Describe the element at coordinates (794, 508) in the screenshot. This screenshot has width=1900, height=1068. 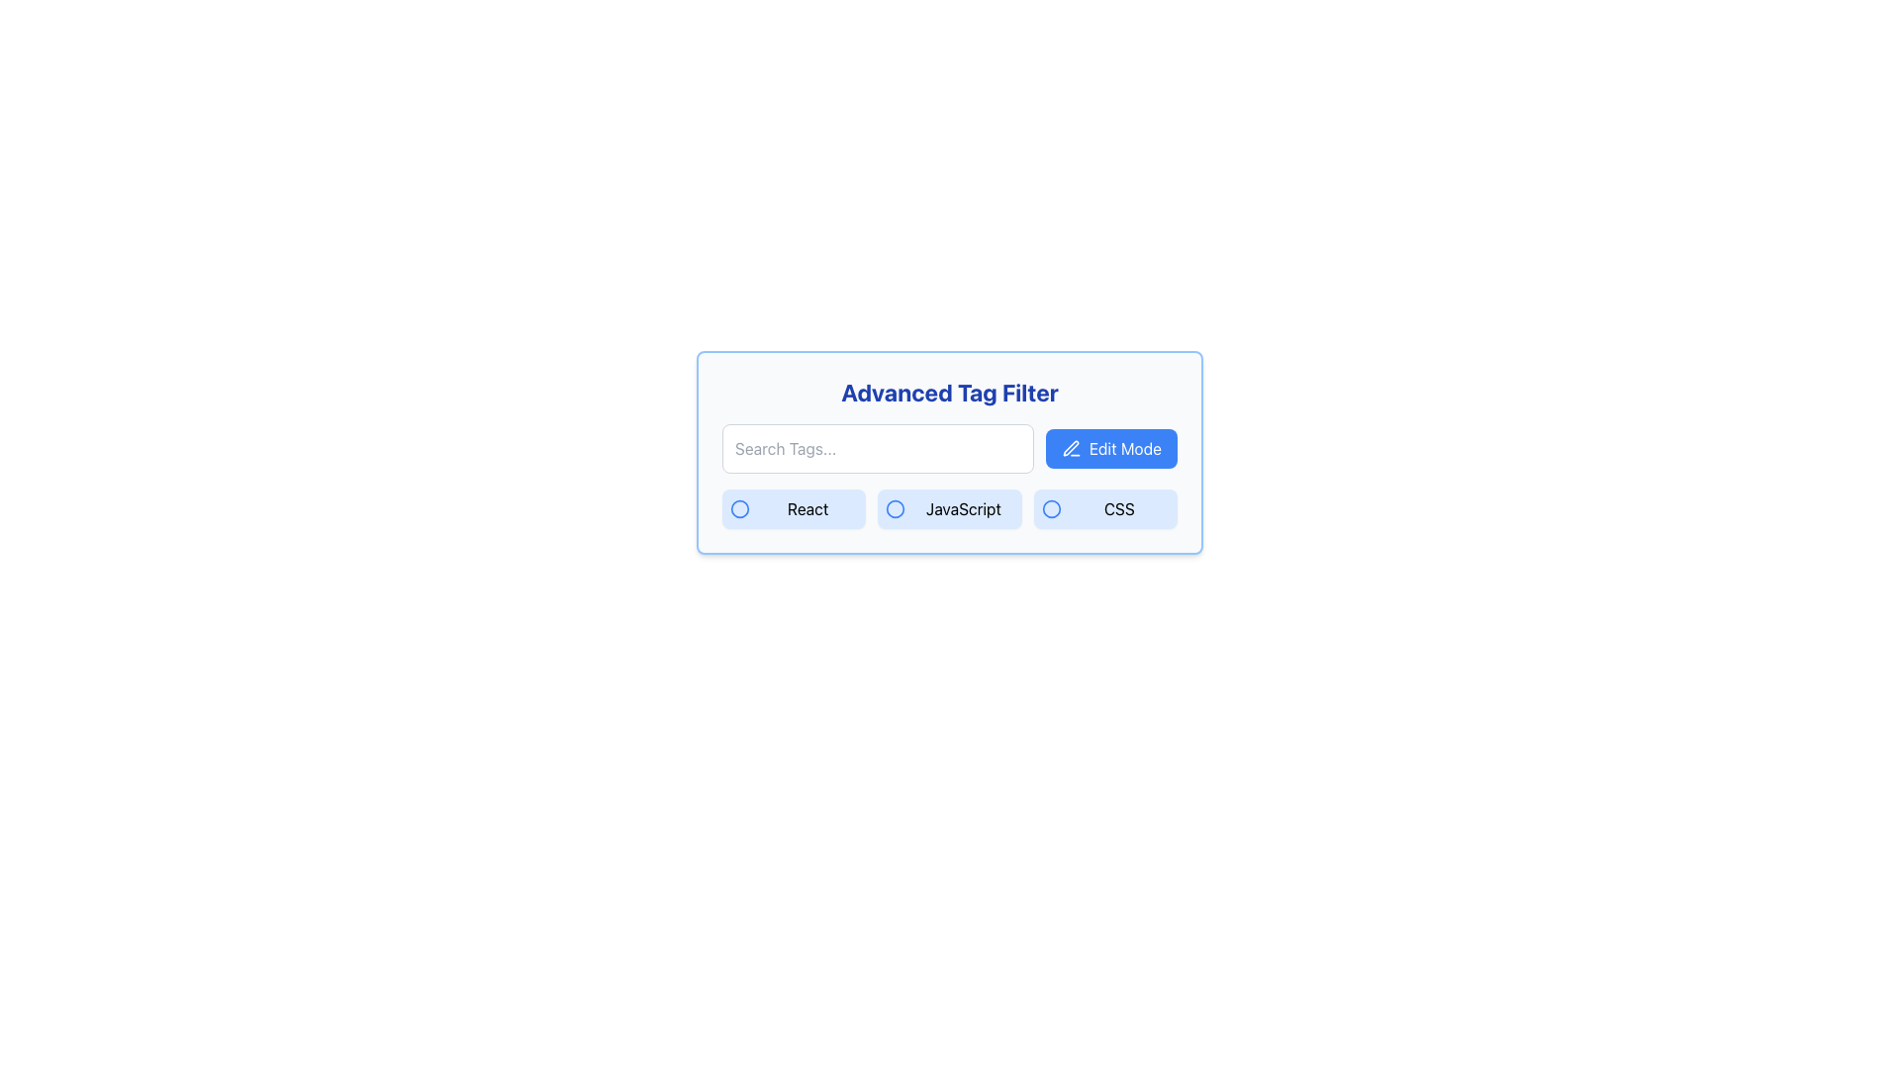
I see `to select the 'React' tag button, which is styled with a light blue background and is the first option in the grid of selectable tags` at that location.